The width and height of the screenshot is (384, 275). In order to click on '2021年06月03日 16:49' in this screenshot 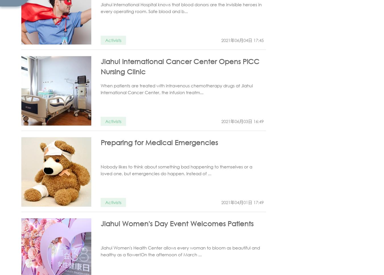, I will do `click(221, 121)`.